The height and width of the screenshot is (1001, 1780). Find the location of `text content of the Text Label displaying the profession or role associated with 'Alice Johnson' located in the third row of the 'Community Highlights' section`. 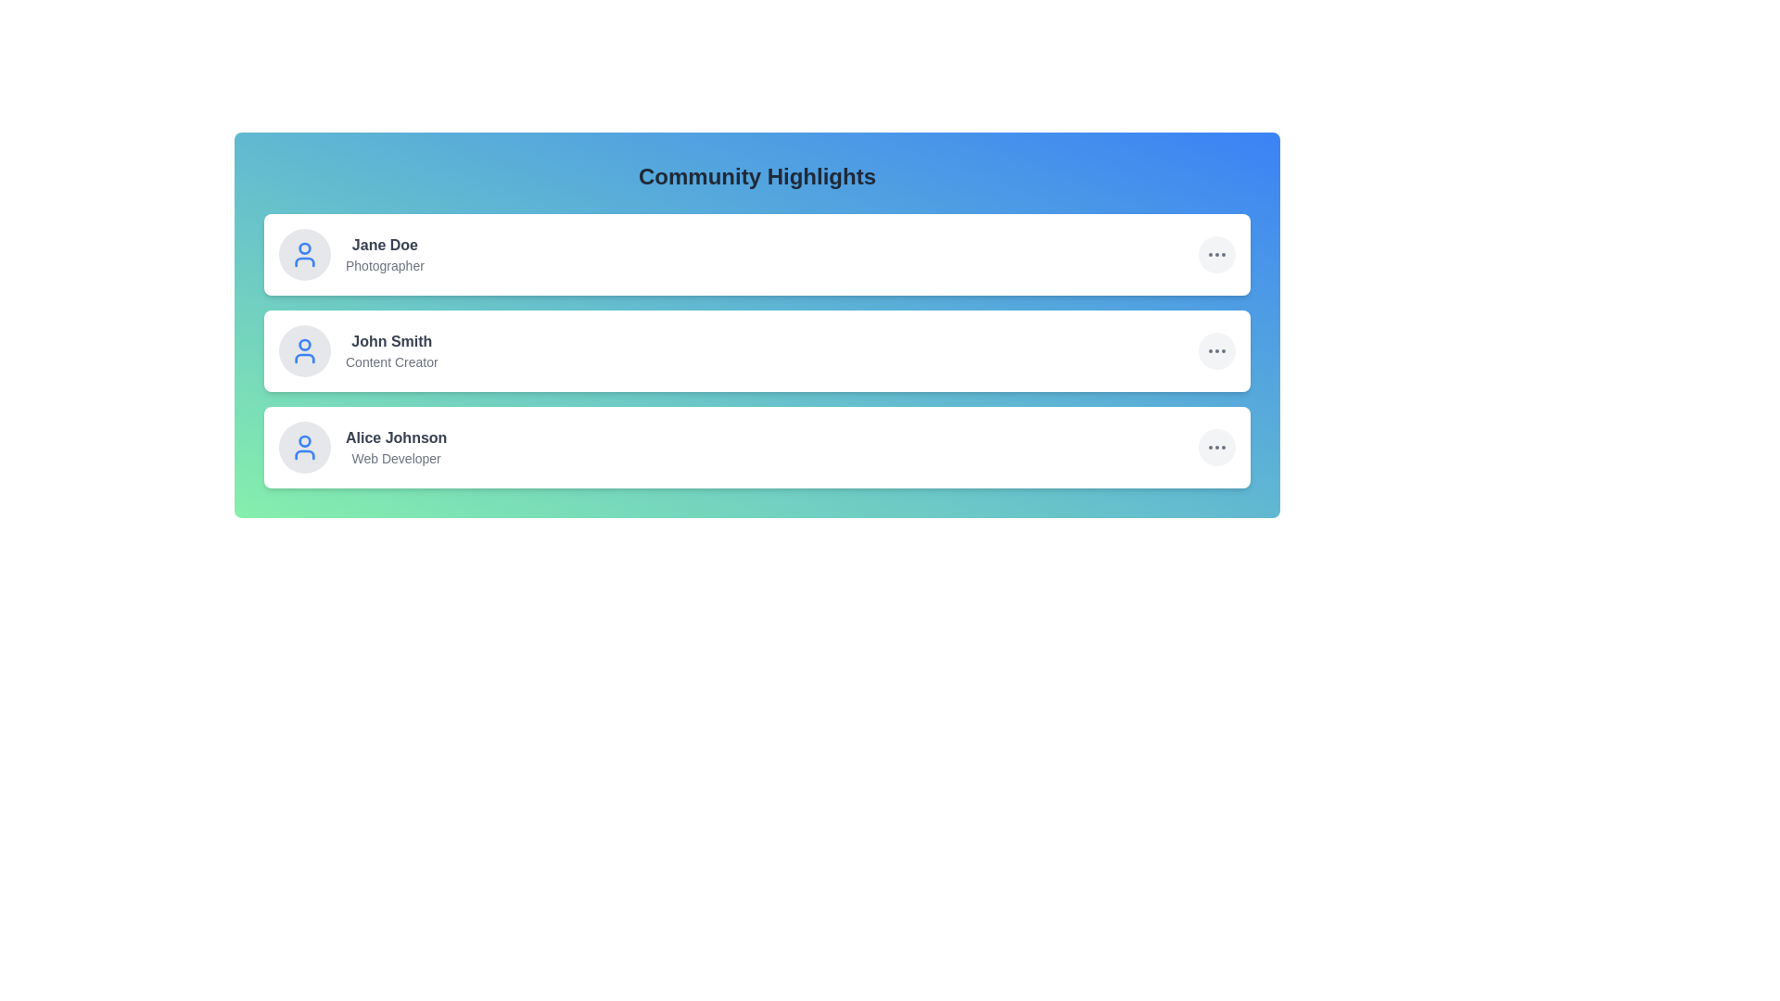

text content of the Text Label displaying the profession or role associated with 'Alice Johnson' located in the third row of the 'Community Highlights' section is located at coordinates (395, 458).